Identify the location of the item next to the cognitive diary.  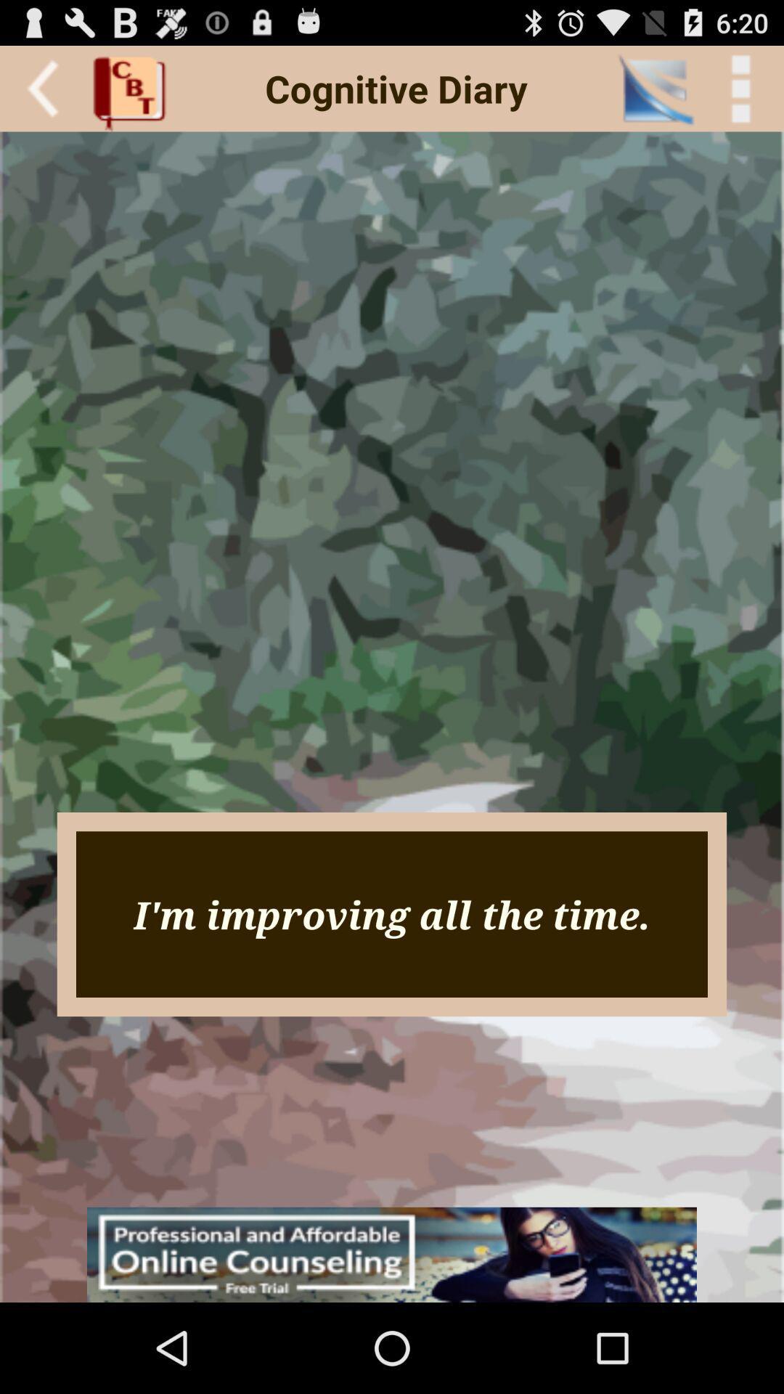
(655, 88).